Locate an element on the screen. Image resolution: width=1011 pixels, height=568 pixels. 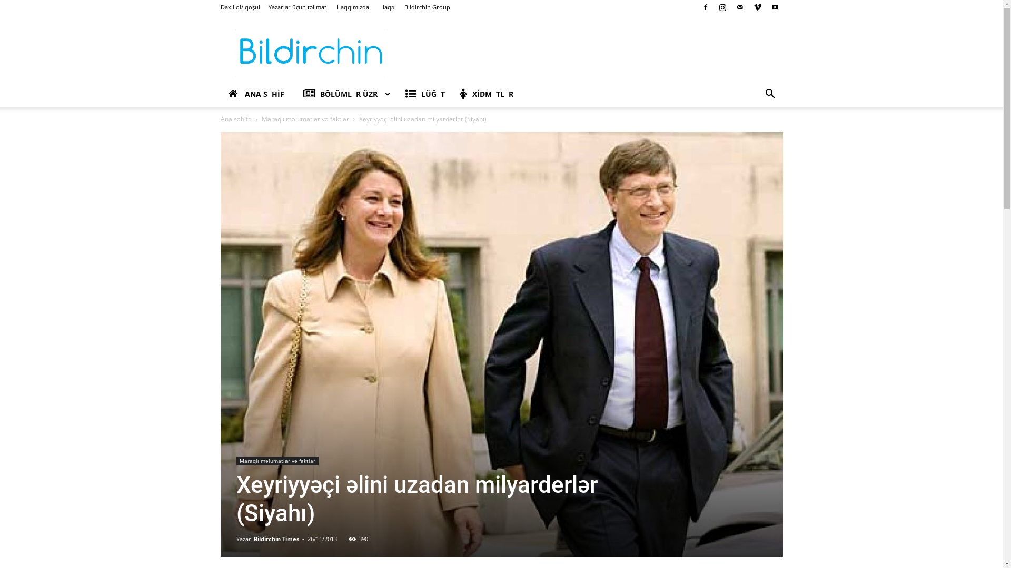
'Search' is located at coordinates (753, 135).